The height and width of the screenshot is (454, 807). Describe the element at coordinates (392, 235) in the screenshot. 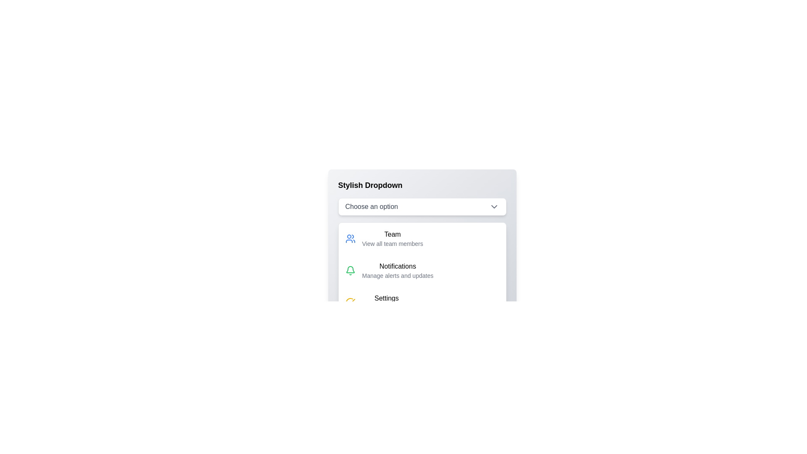

I see `the header text label within the 'Stylish Dropdown' that indicates the team-related section, which is located above the 'View all team members' text element` at that location.